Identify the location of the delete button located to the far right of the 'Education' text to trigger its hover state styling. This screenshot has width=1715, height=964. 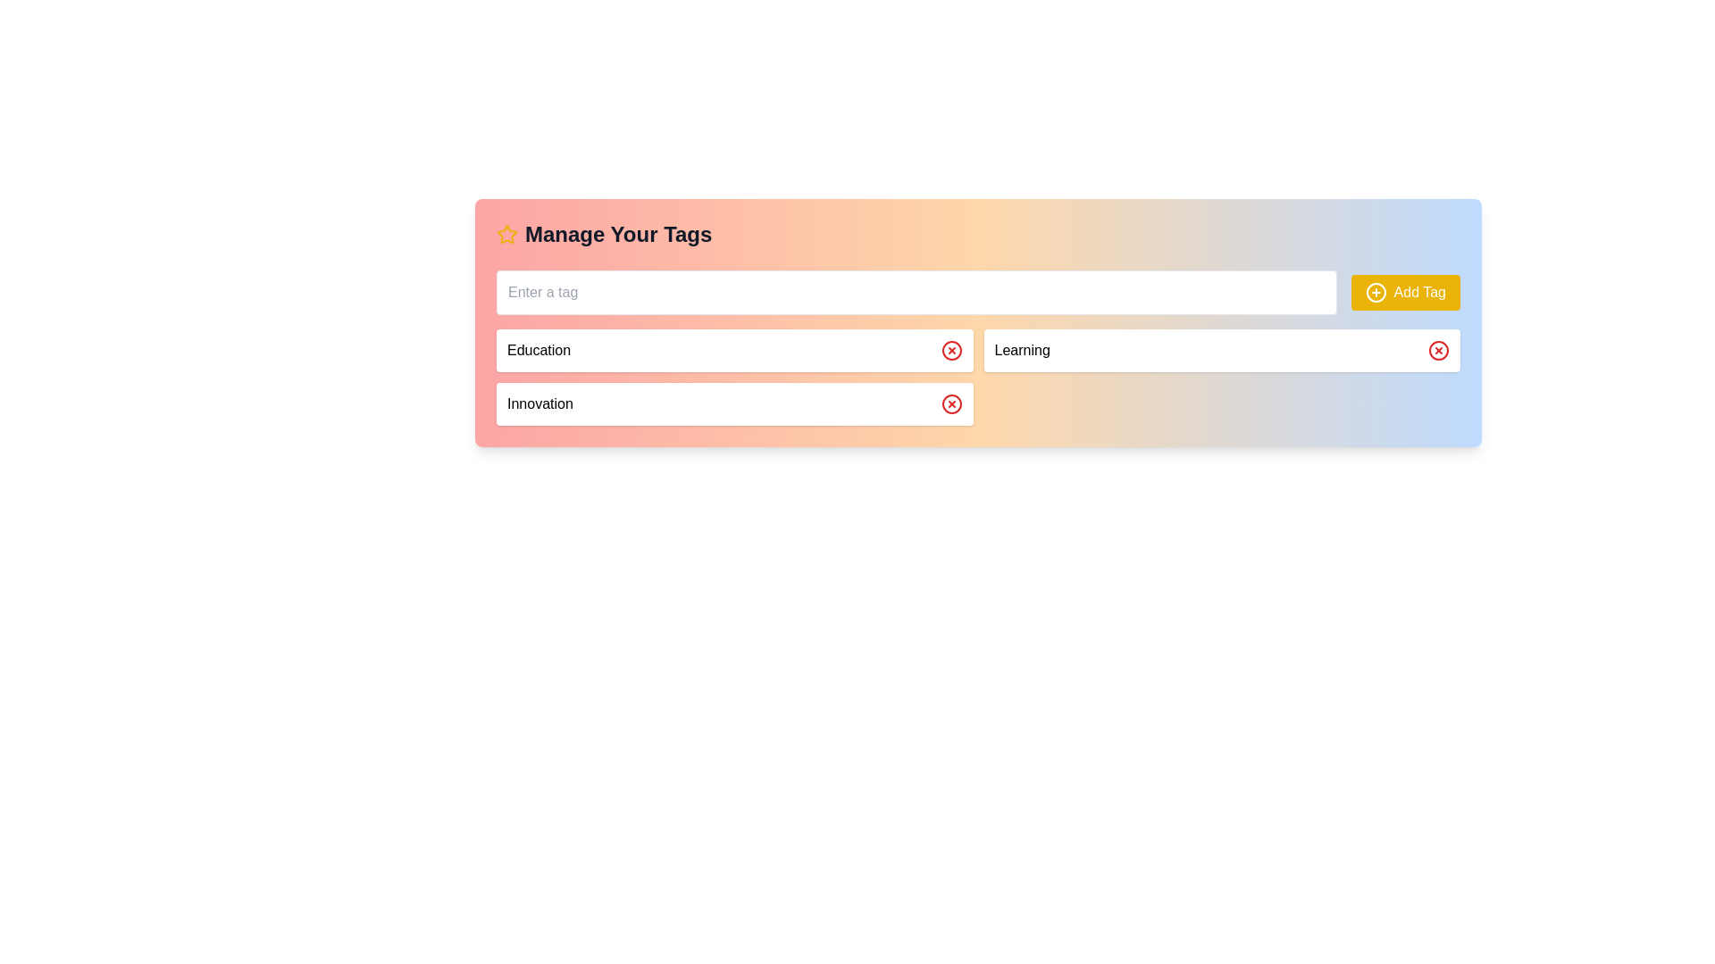
(950, 351).